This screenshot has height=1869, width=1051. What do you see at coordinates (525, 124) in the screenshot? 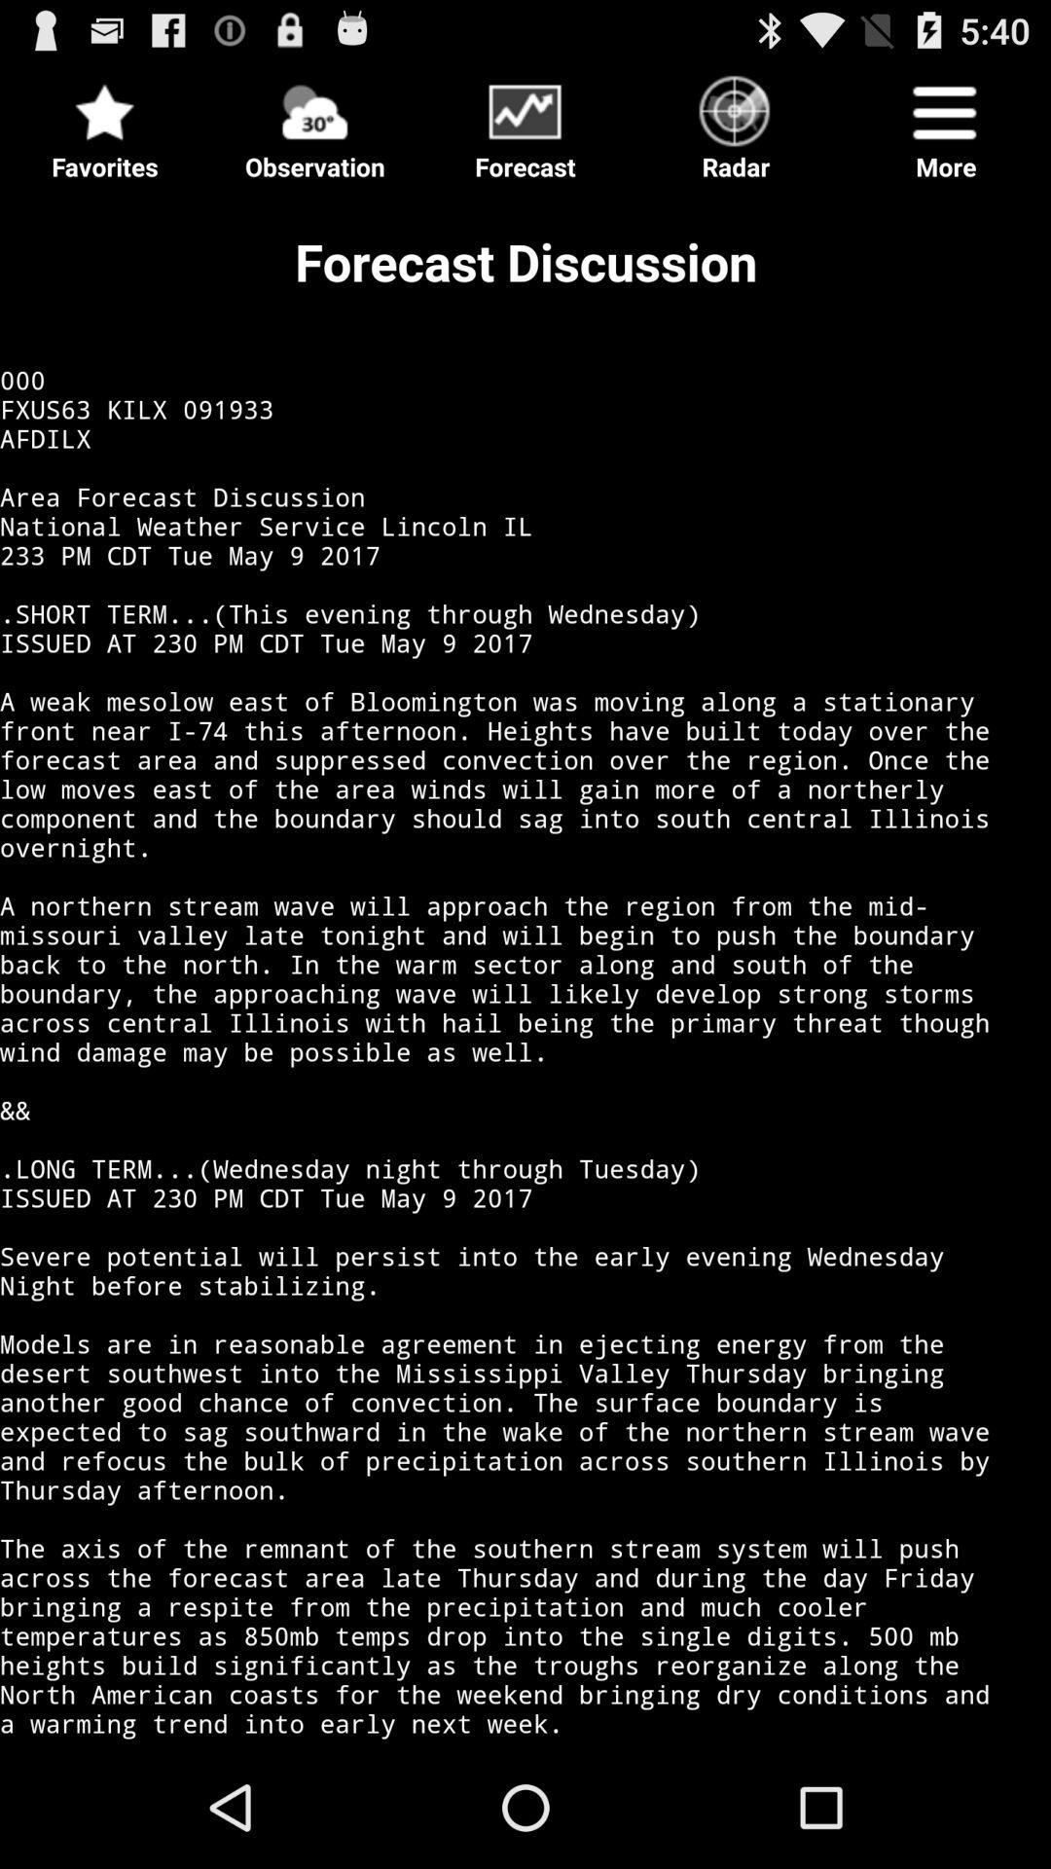
I see `forecast discussion` at bounding box center [525, 124].